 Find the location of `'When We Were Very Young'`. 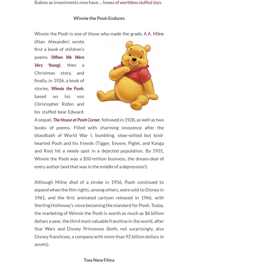

'When We Were Very Young' is located at coordinates (34, 80).